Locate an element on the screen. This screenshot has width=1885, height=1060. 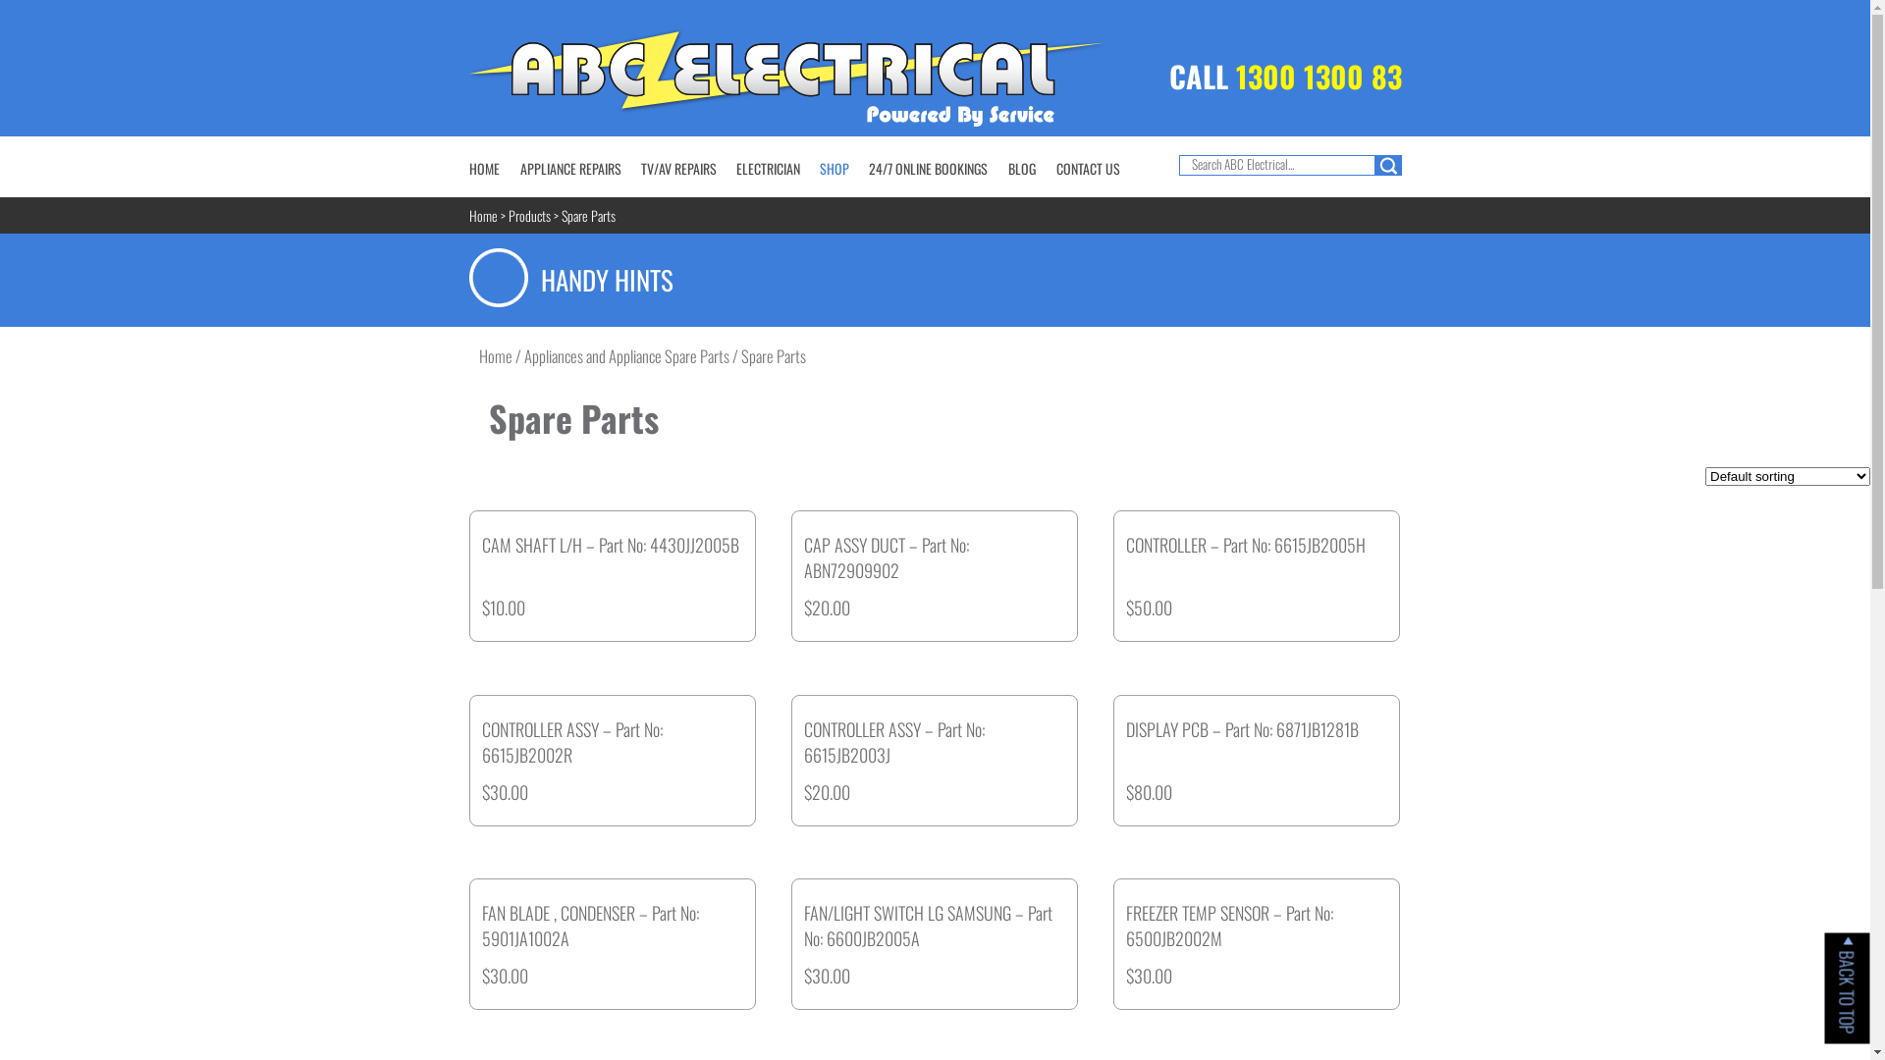
'1300 1300 83' is located at coordinates (1318, 75).